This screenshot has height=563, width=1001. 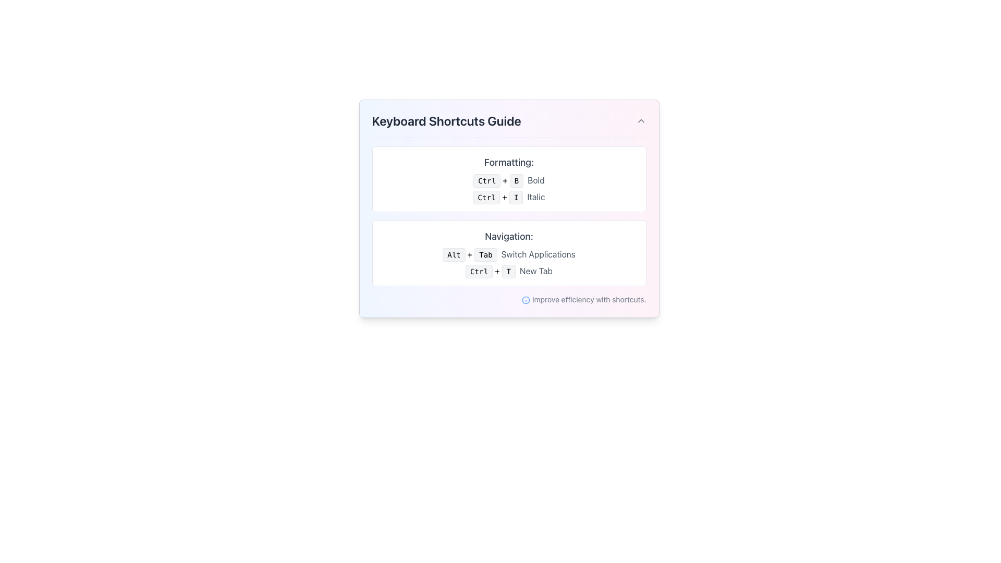 What do you see at coordinates (496, 271) in the screenshot?
I see `the text label displaying the character '+' that serves as a separator in the shortcut key instruction 'Ctrl+T New Tab', positioned between the 'Ctrl' and 'T' buttons` at bounding box center [496, 271].